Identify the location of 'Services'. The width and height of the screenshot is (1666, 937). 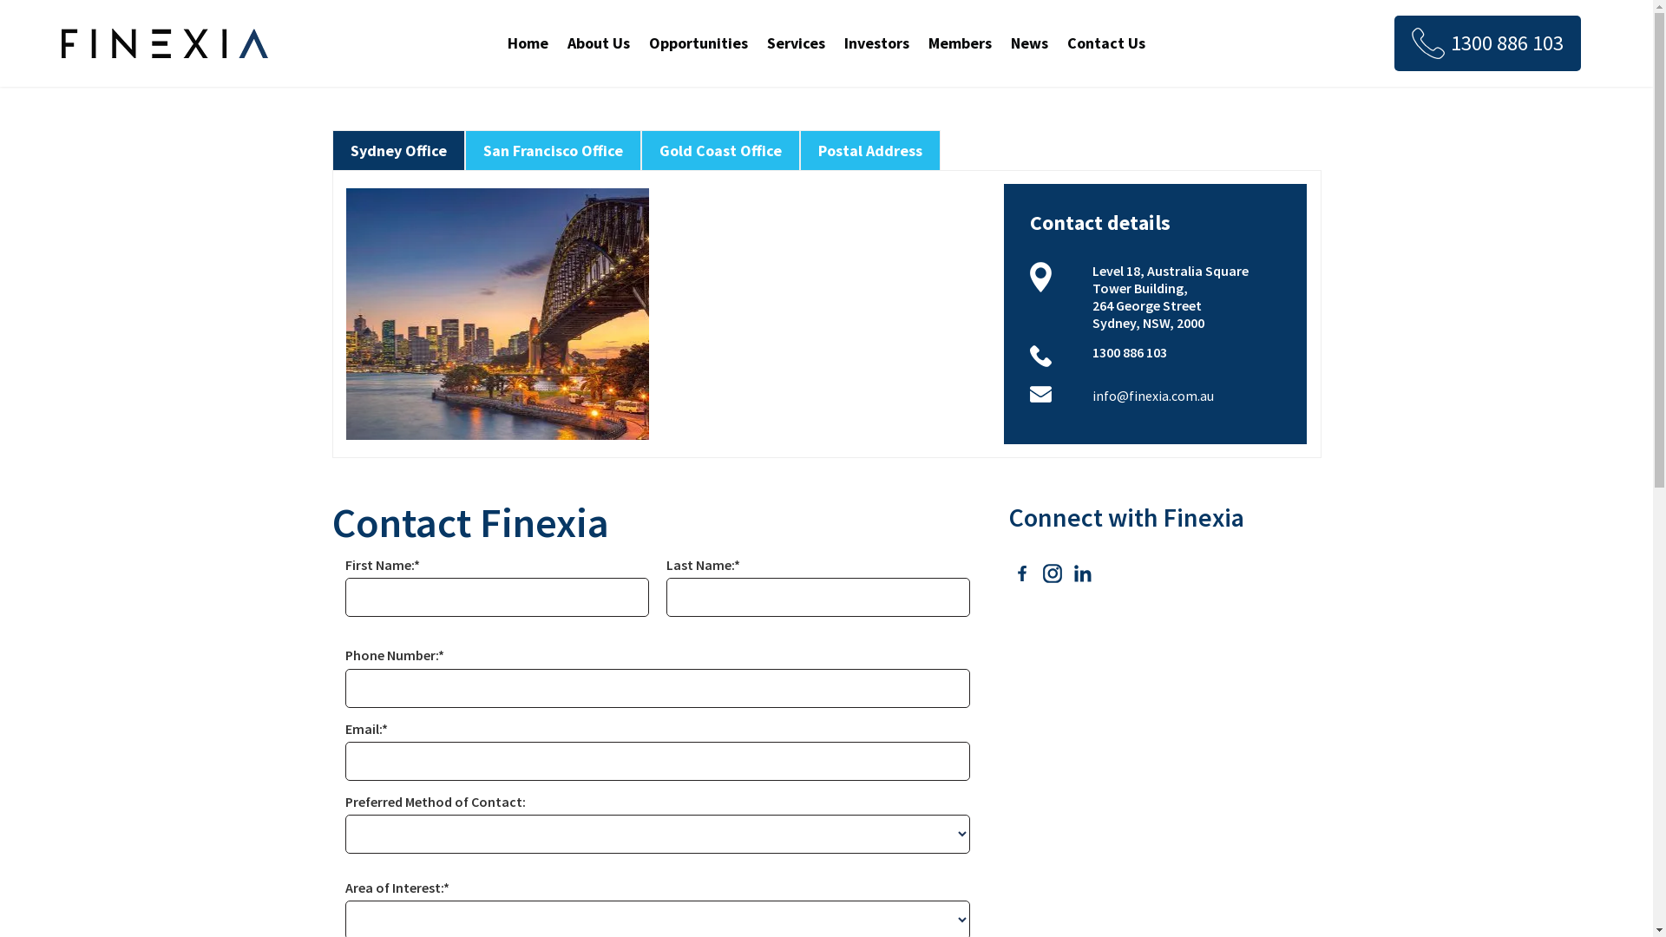
(795, 43).